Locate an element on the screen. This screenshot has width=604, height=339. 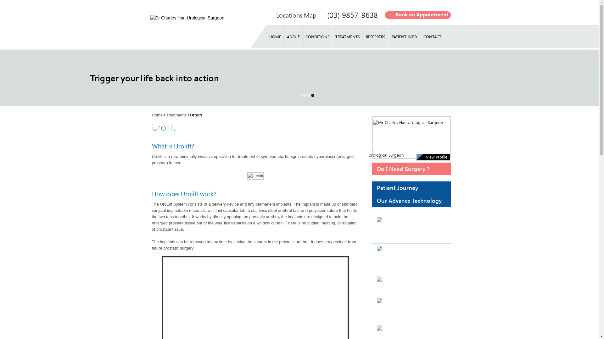
'ABOUT' is located at coordinates (293, 36).